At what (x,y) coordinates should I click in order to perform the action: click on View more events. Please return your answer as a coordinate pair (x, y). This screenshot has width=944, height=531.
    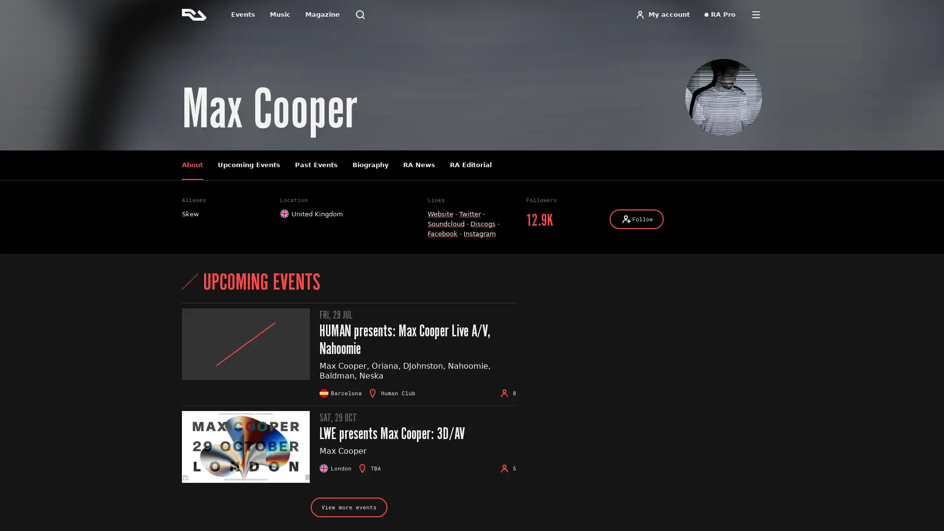
    Looking at the image, I should click on (349, 506).